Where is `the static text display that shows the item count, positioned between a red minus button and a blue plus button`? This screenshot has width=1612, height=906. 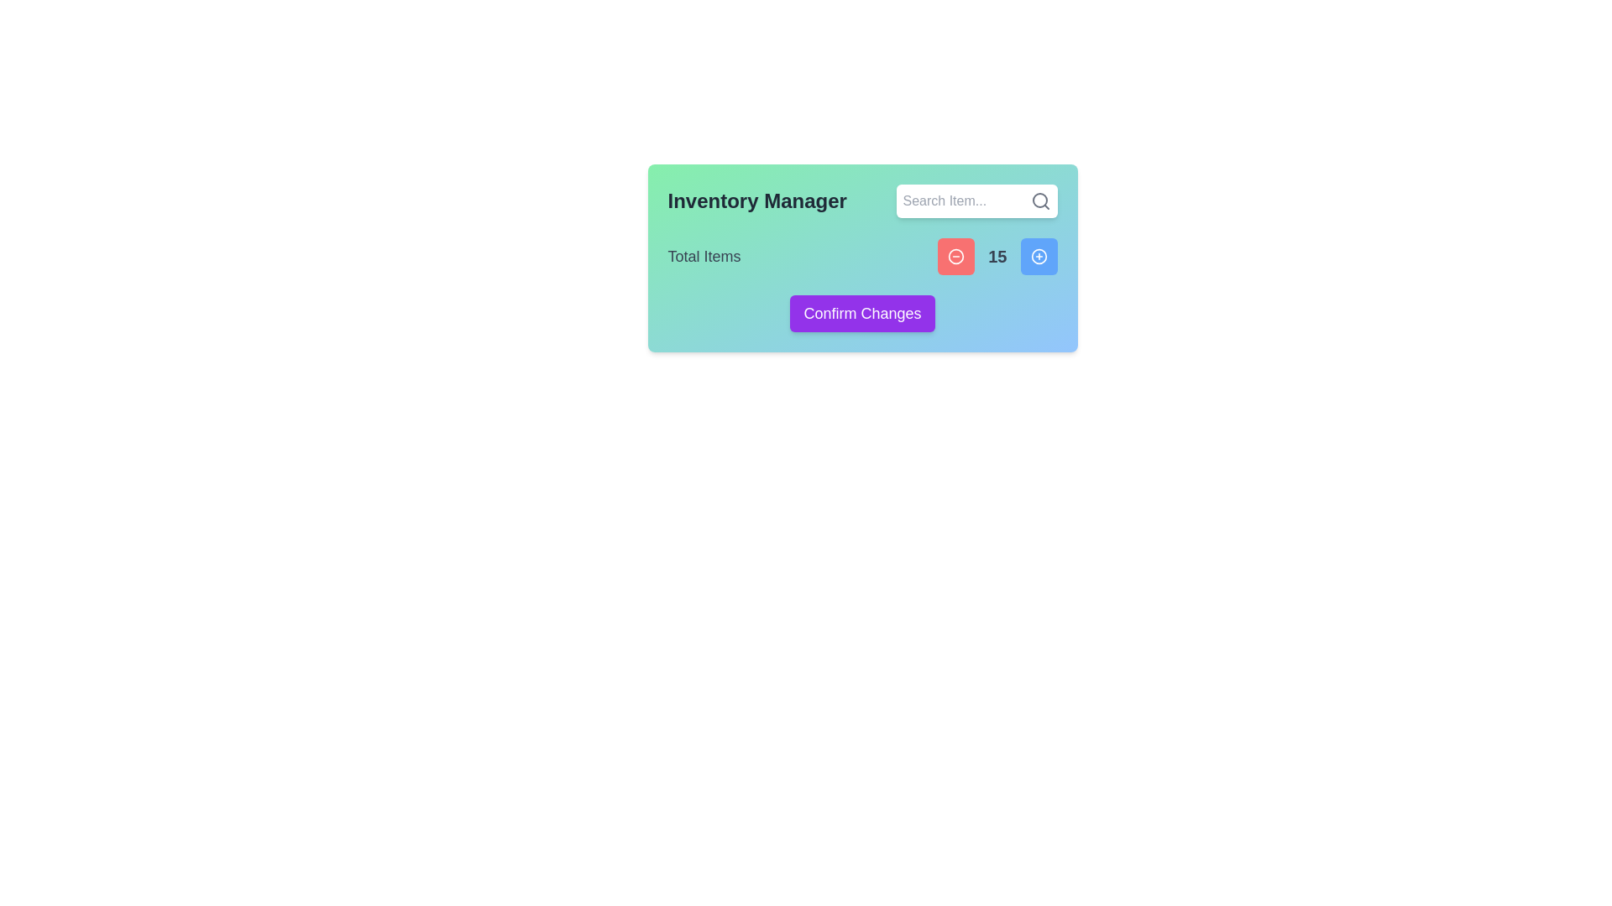 the static text display that shows the item count, positioned between a red minus button and a blue plus button is located at coordinates (997, 256).